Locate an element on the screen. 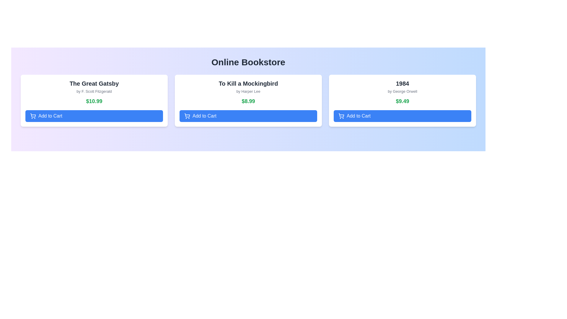 This screenshot has width=567, height=319. the text placeholder and label element displaying the title 'The Great Gatsby', author 'by F. Scott Fitzgerald', and price '$10.99', which is centrally aligned at the top of the section card is located at coordinates (94, 92).